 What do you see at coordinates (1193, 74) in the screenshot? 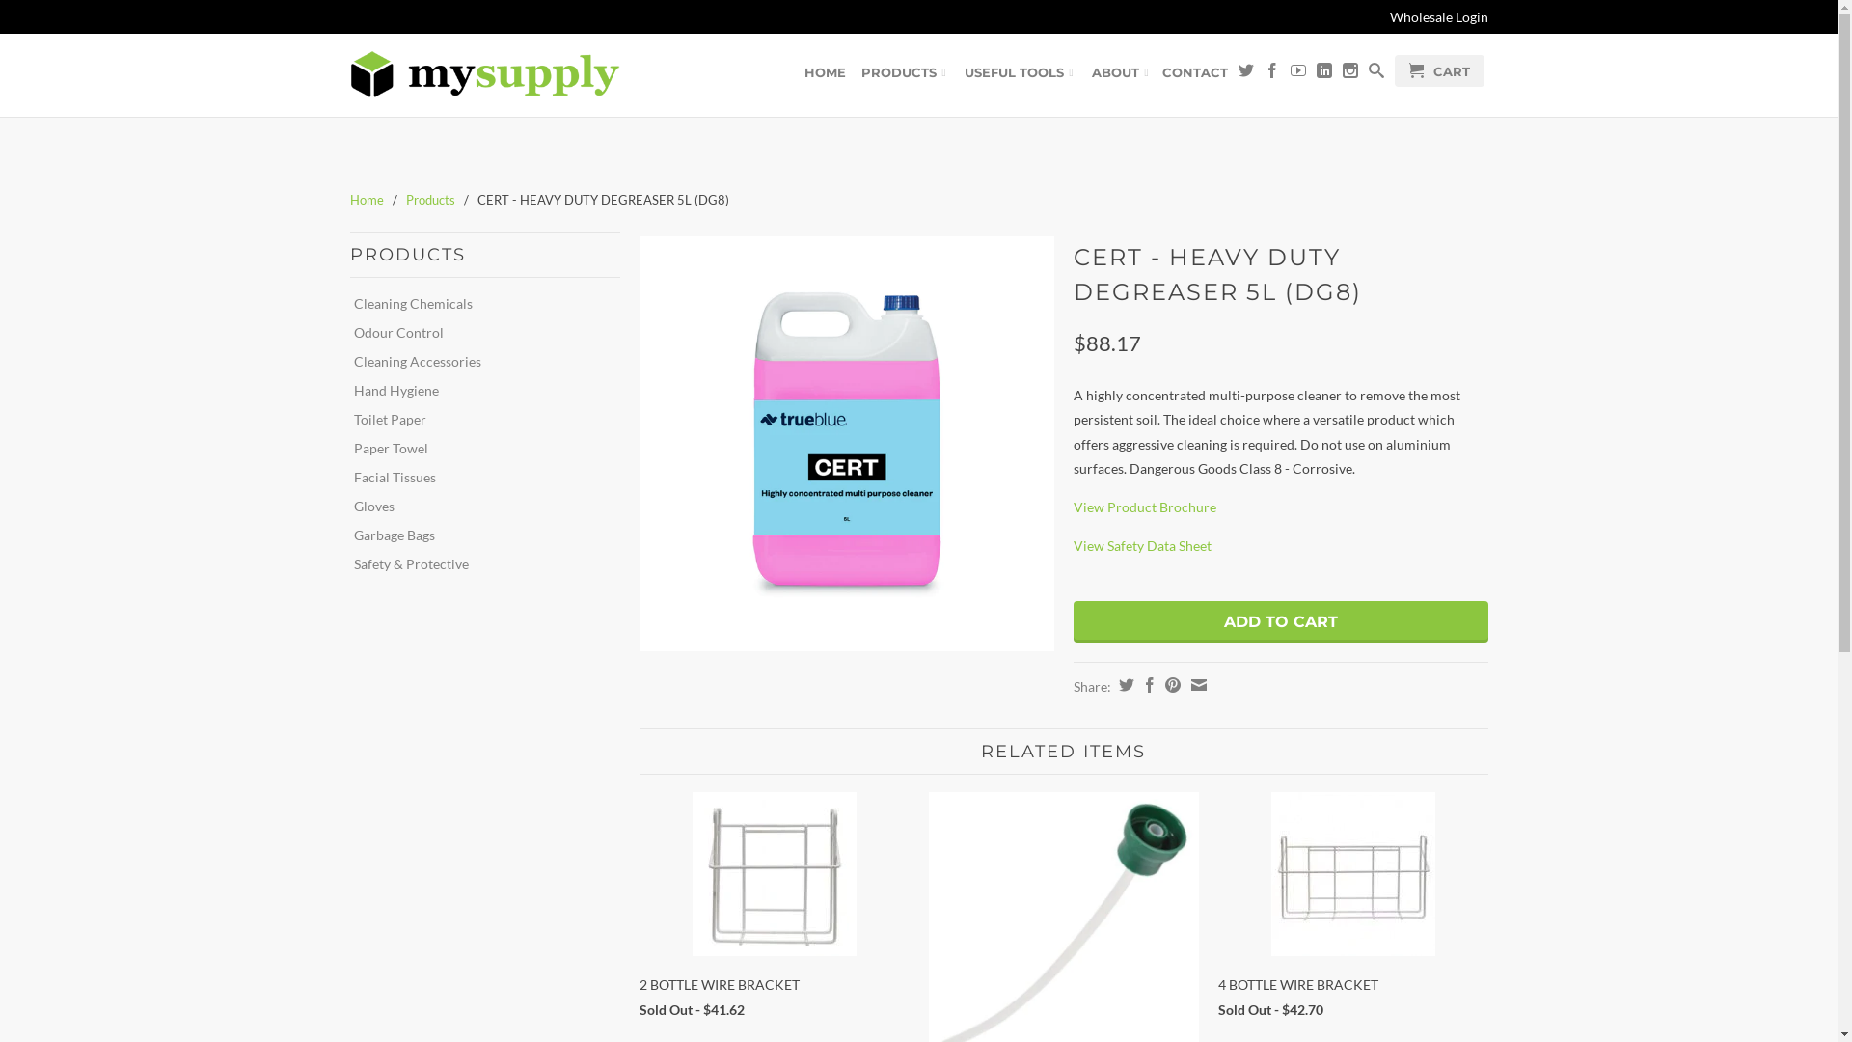
I see `'CONTACT'` at bounding box center [1193, 74].